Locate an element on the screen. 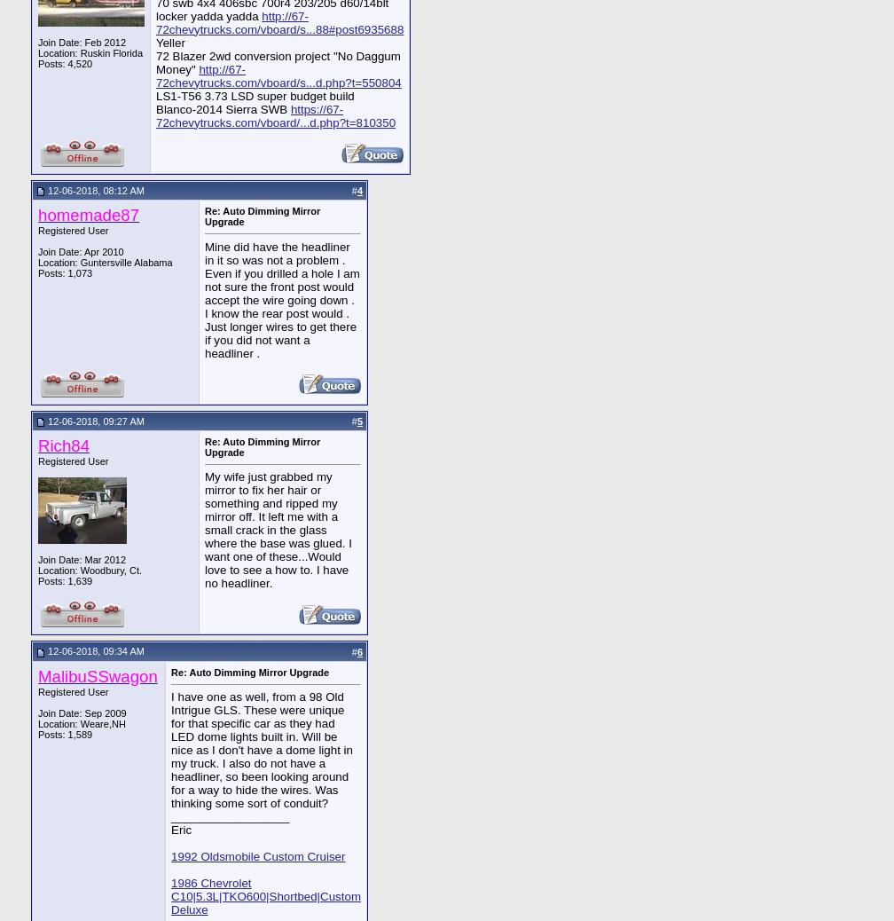 The image size is (894, 921). 'Posts: 1,639' is located at coordinates (65, 579).